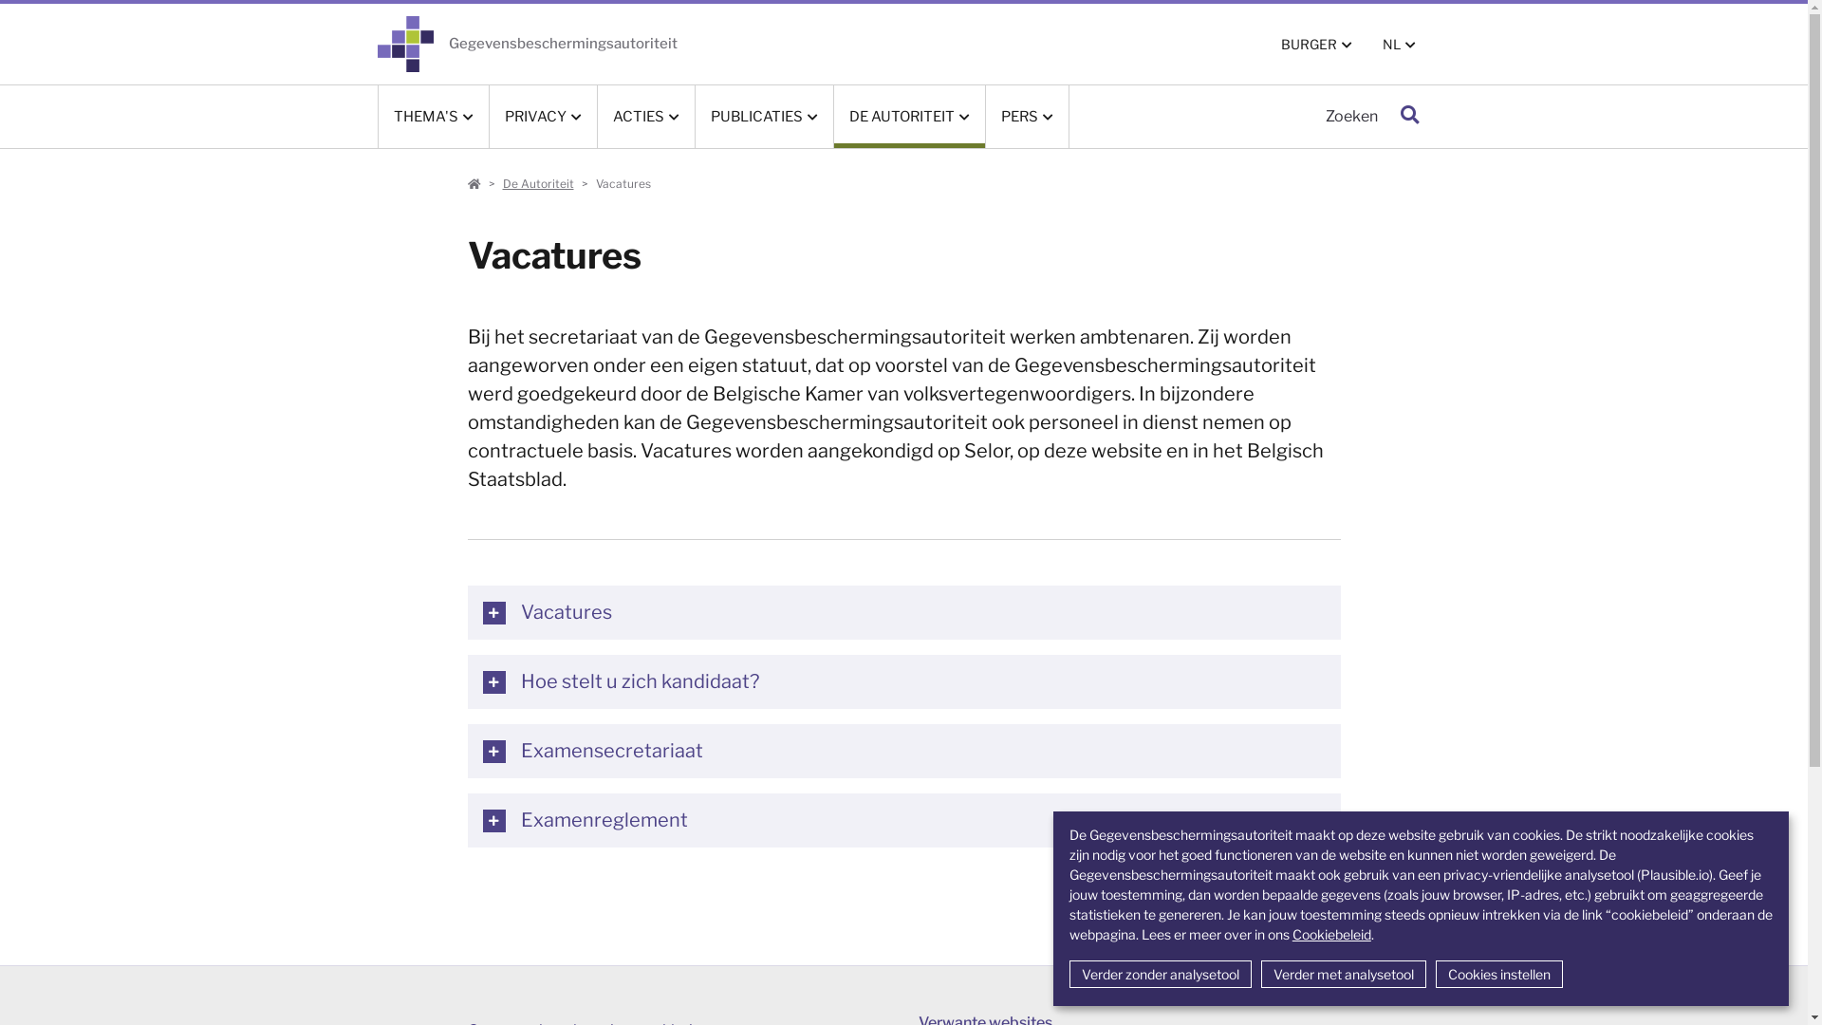 Image resolution: width=1822 pixels, height=1025 pixels. I want to click on 'Cookies instellen', so click(1497, 974).